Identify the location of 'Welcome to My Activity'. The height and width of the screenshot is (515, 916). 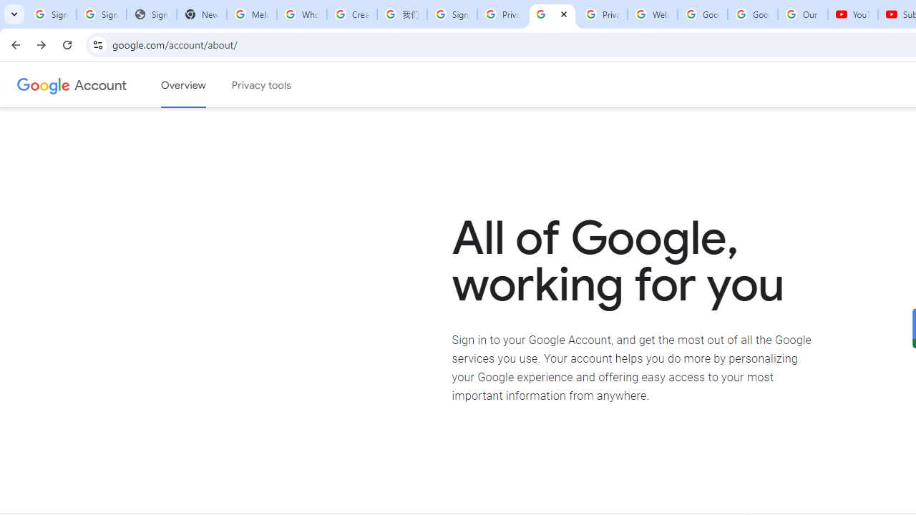
(652, 14).